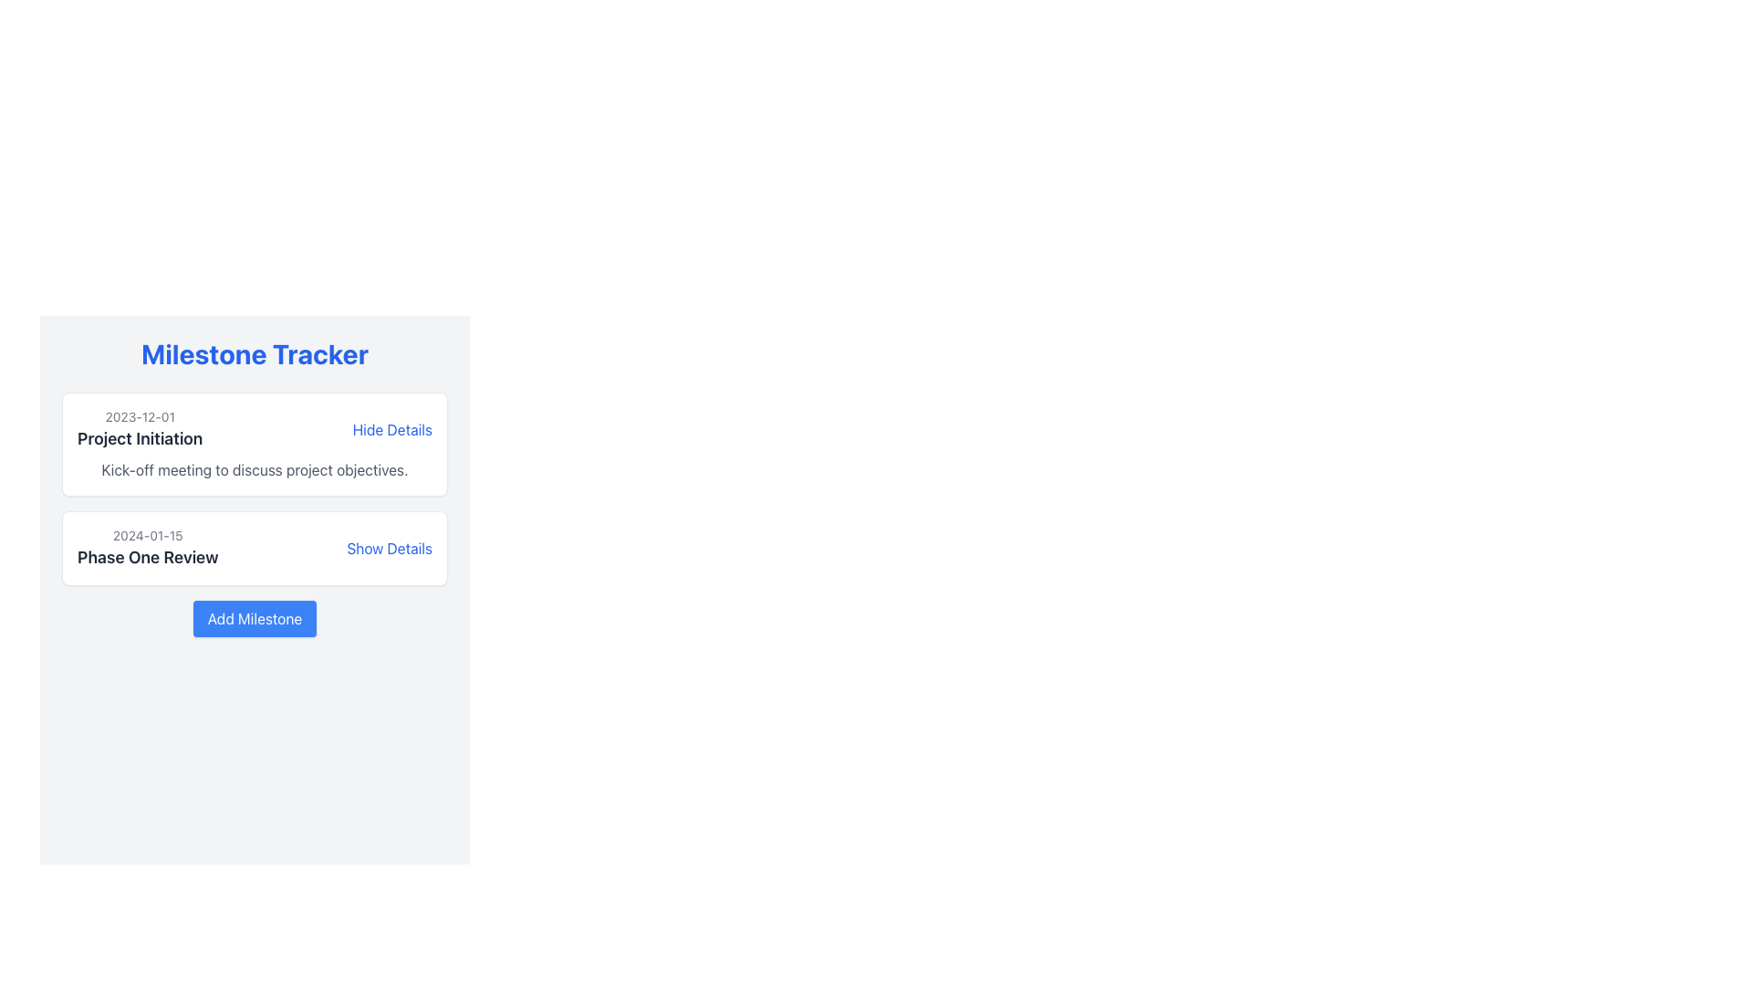  What do you see at coordinates (139, 416) in the screenshot?
I see `the static text label displaying the date associated with the milestone event titled 'Project Initiation', which is positioned at the top of its grouping block` at bounding box center [139, 416].